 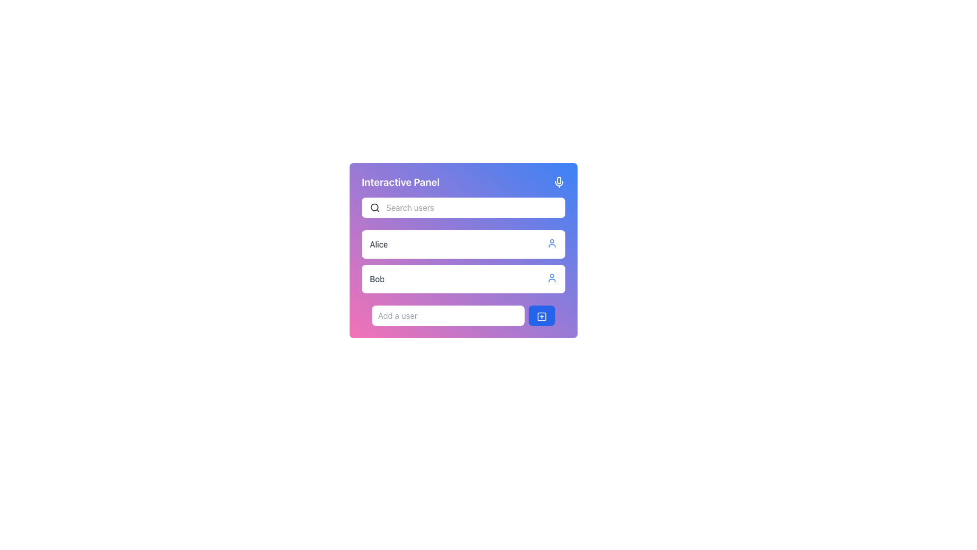 I want to click on the small blue square icon with a plus sign located within the button to the right of the 'Add a user' input field in the Interactive Panel, so click(x=541, y=316).